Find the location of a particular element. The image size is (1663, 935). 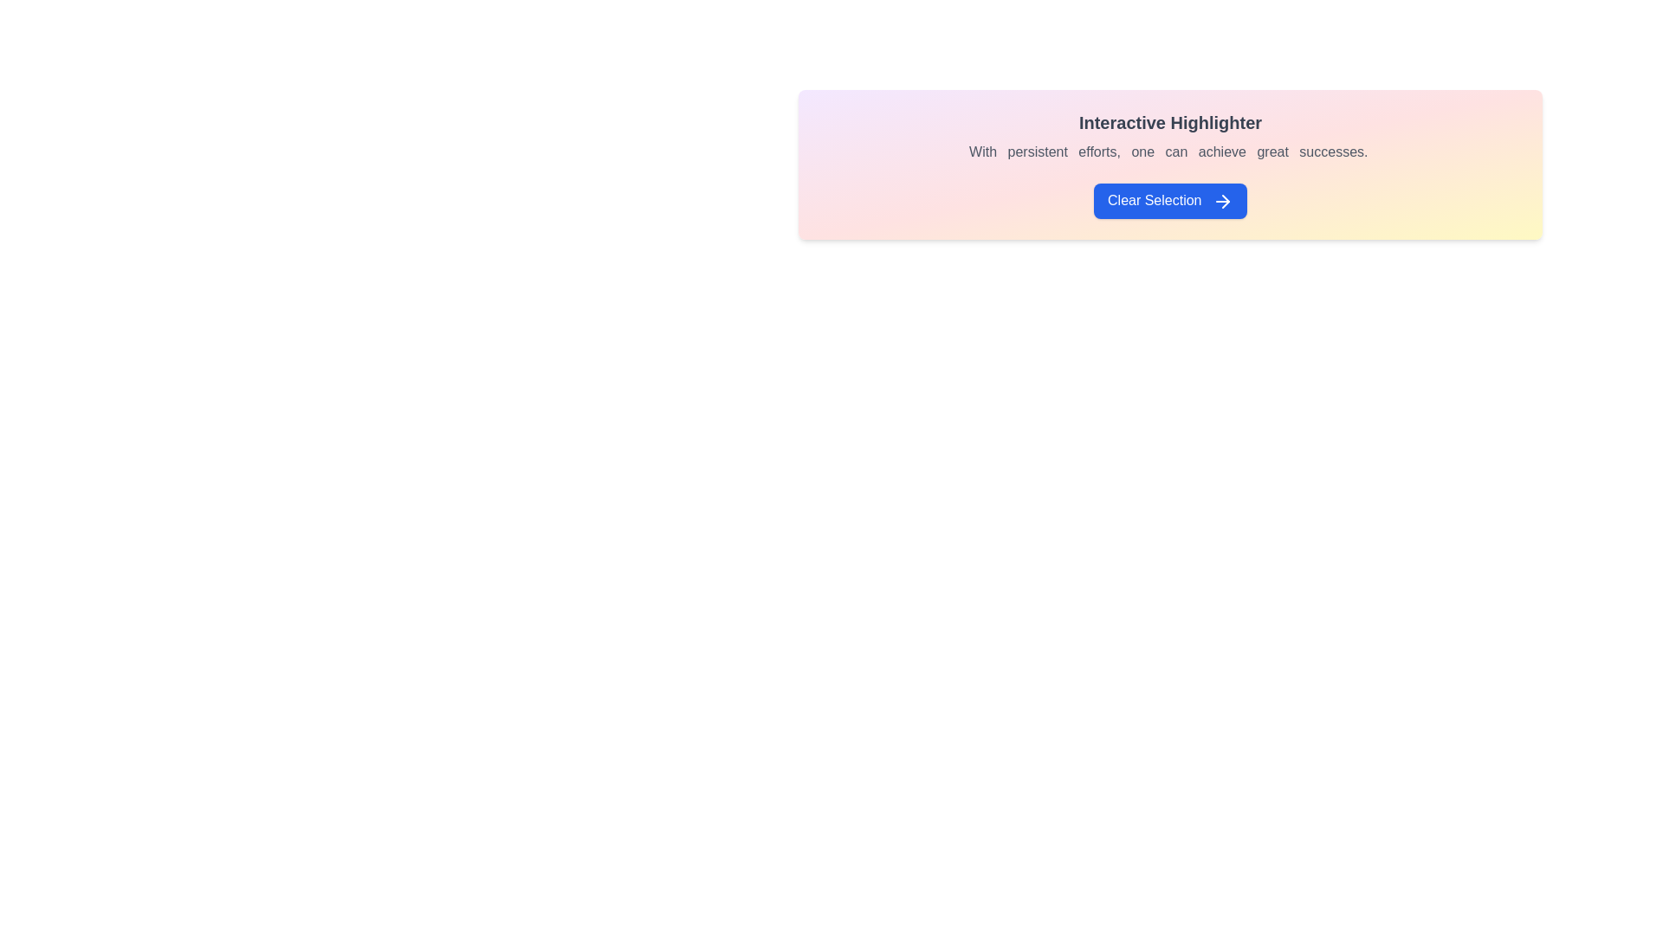

the selectable text 'efforts' is located at coordinates (1100, 151).